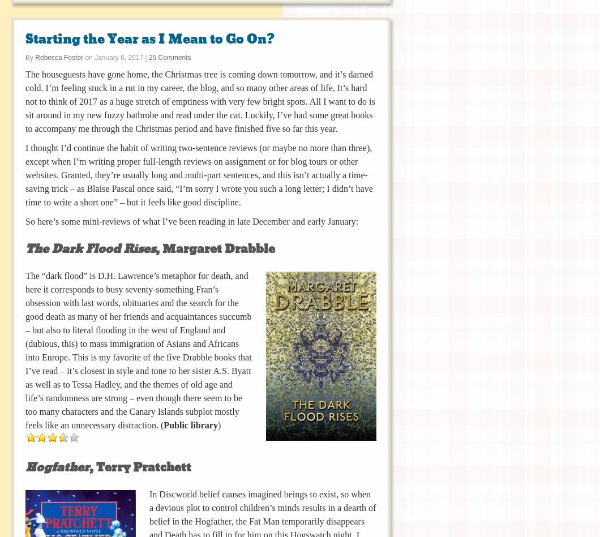 This screenshot has height=537, width=600. I want to click on ')', so click(220, 424).